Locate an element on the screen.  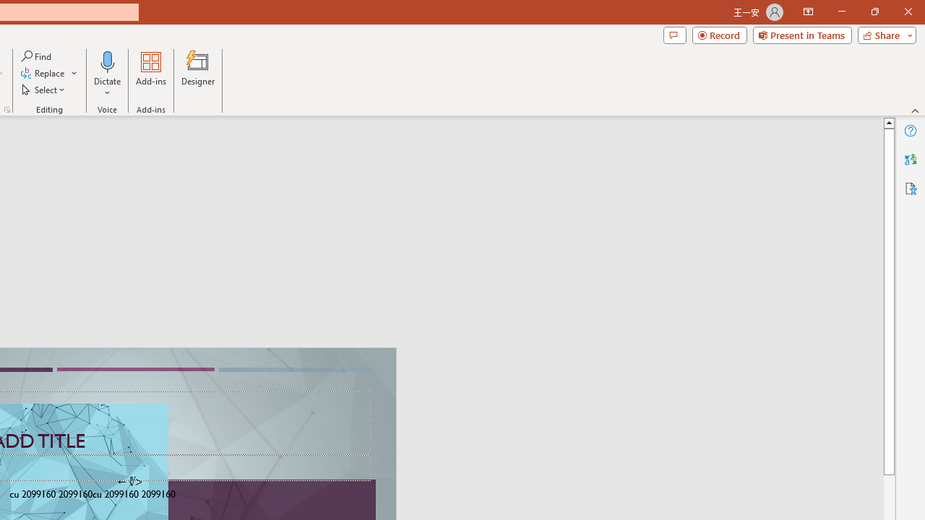
'Dictate' is located at coordinates (107, 74).